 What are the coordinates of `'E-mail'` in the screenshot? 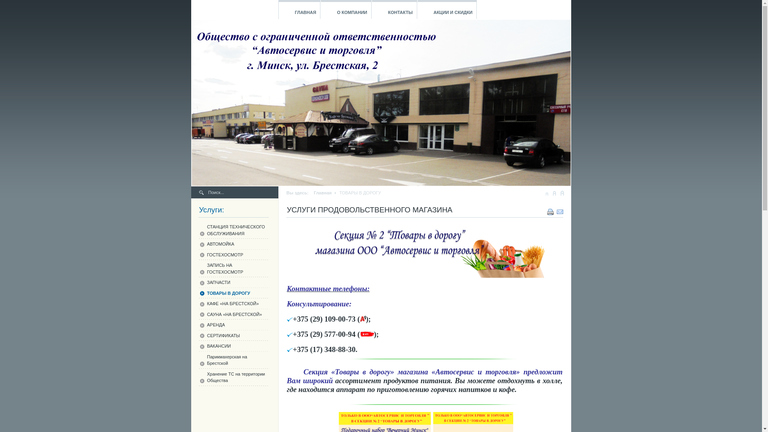 It's located at (560, 210).